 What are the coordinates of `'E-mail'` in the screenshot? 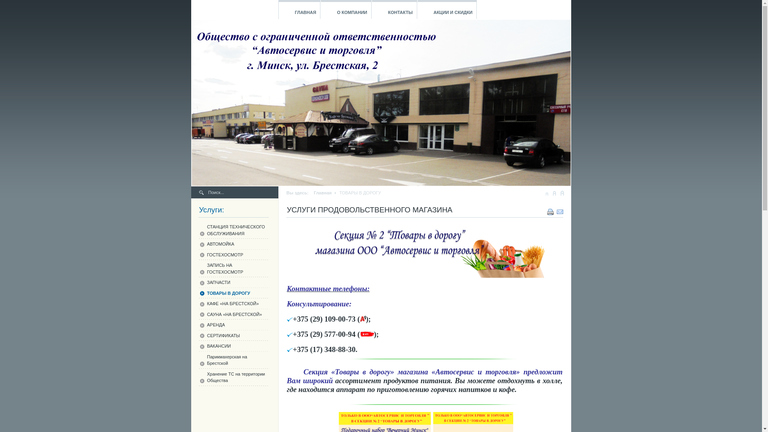 It's located at (560, 210).